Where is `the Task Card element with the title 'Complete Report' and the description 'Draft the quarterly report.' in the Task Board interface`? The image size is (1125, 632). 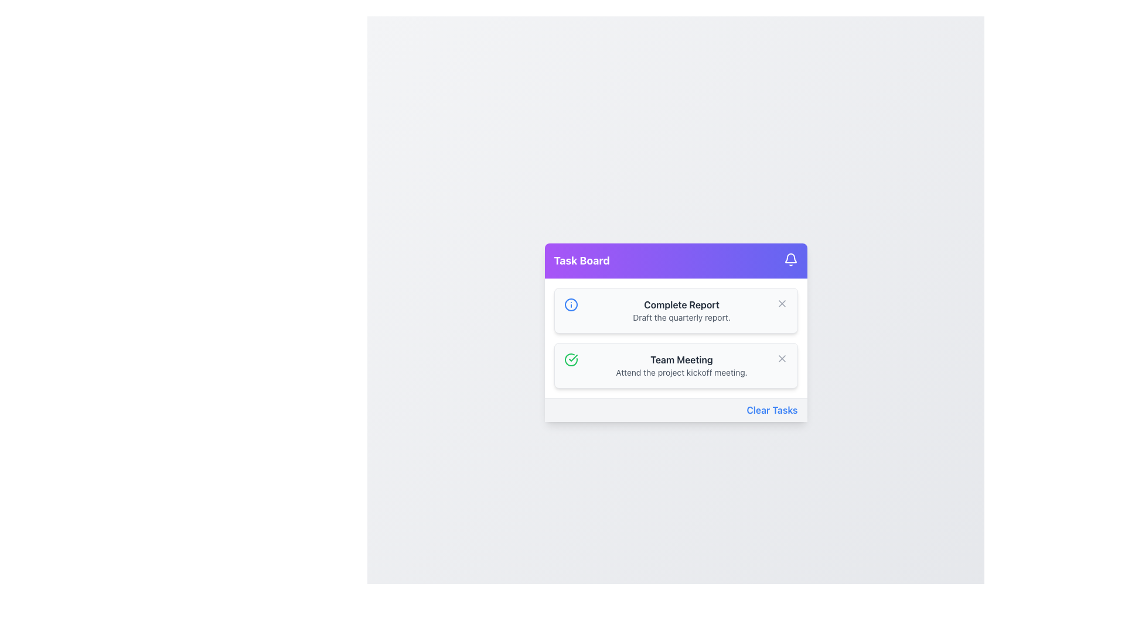
the Task Card element with the title 'Complete Report' and the description 'Draft the quarterly report.' in the Task Board interface is located at coordinates (676, 310).